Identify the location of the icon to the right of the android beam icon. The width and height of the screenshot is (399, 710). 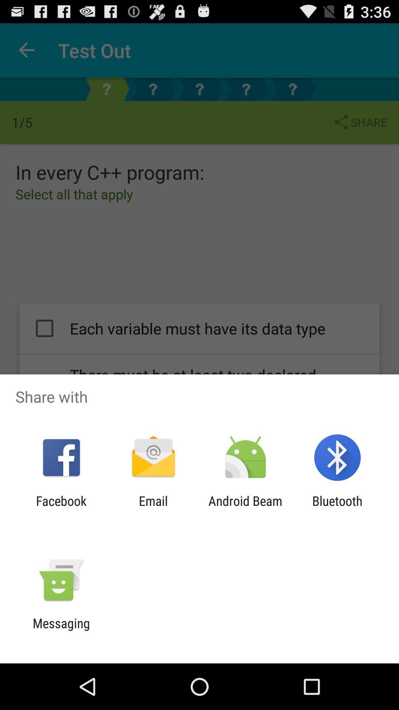
(337, 508).